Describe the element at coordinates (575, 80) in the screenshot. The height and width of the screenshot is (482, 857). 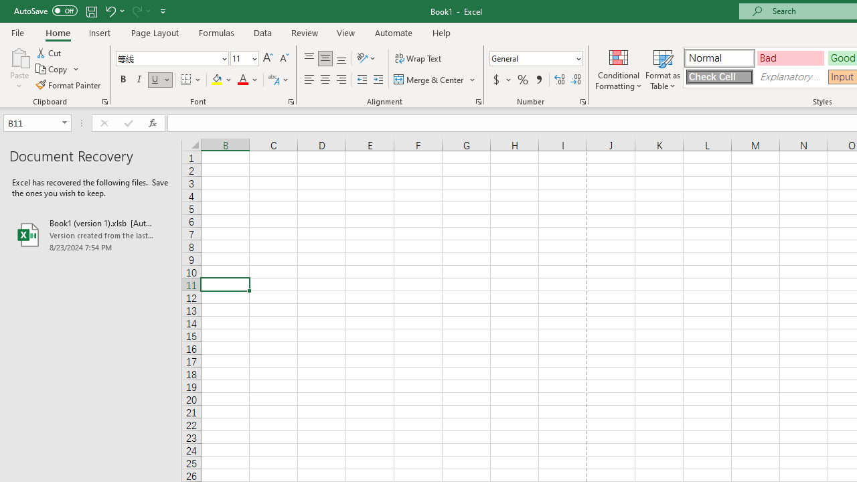
I see `'Decrease Decimal'` at that location.